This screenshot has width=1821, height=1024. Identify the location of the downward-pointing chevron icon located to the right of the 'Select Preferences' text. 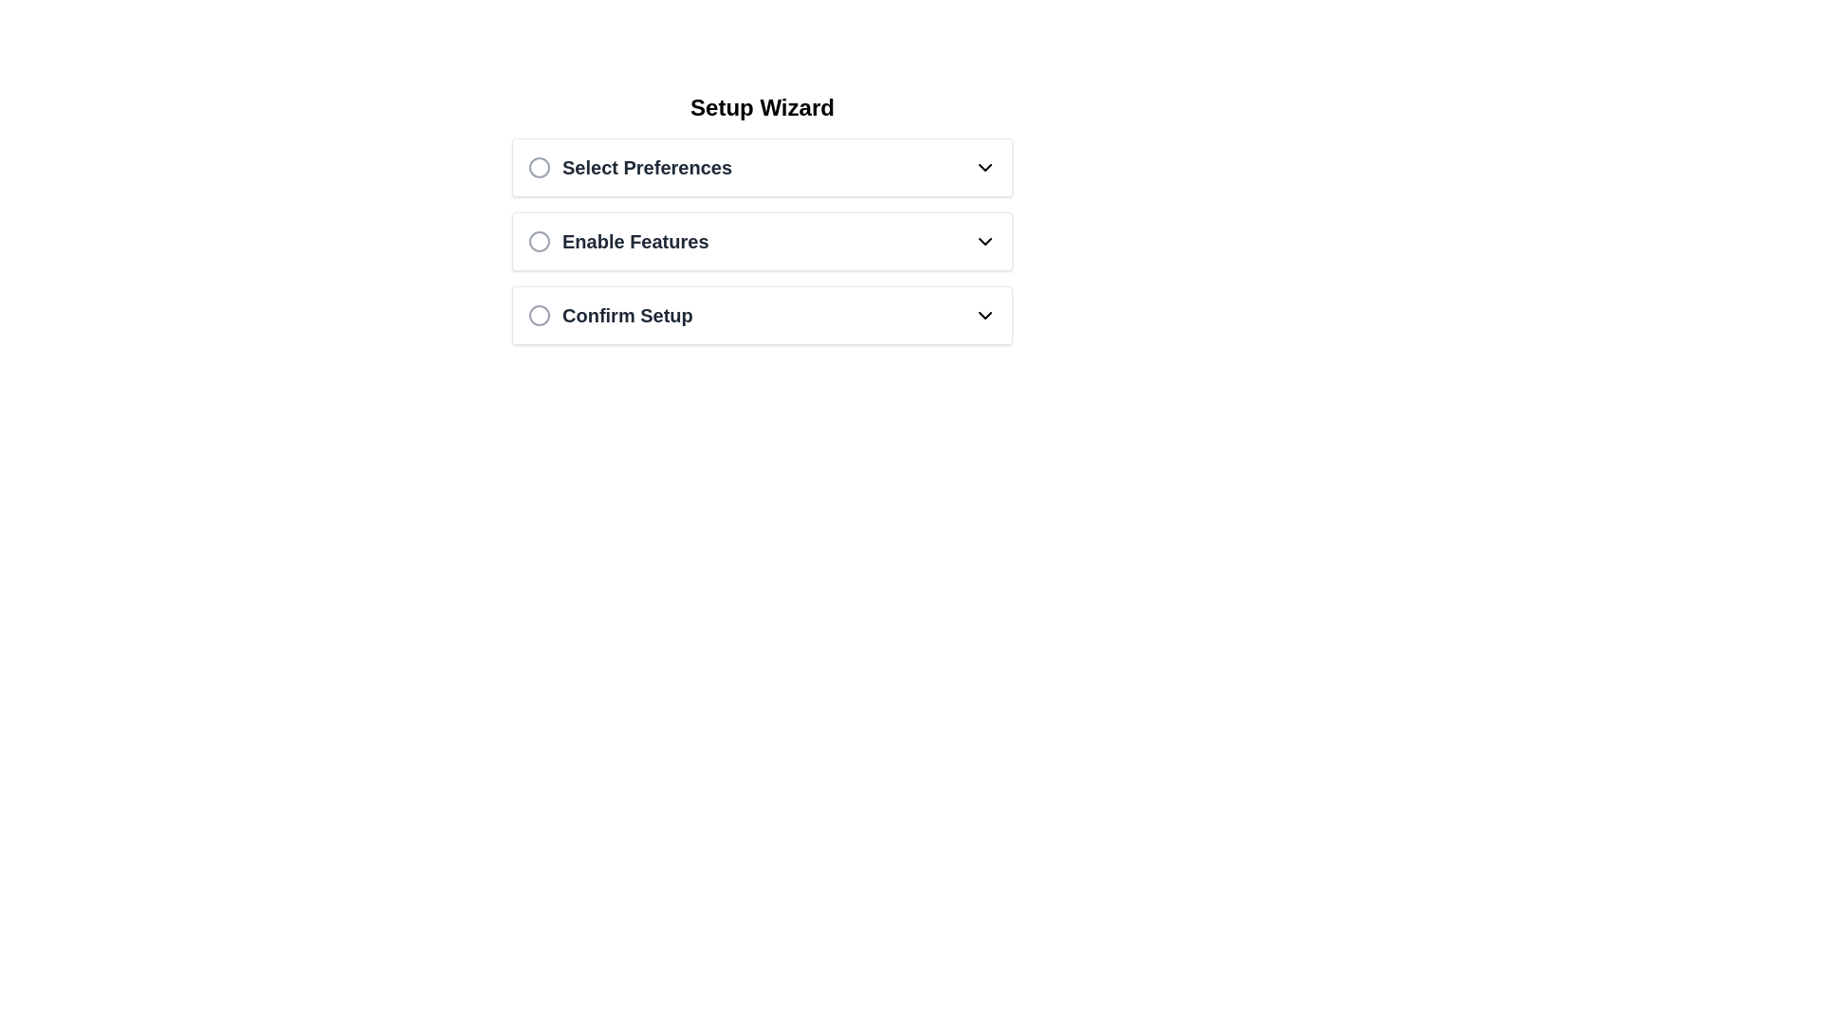
(984, 167).